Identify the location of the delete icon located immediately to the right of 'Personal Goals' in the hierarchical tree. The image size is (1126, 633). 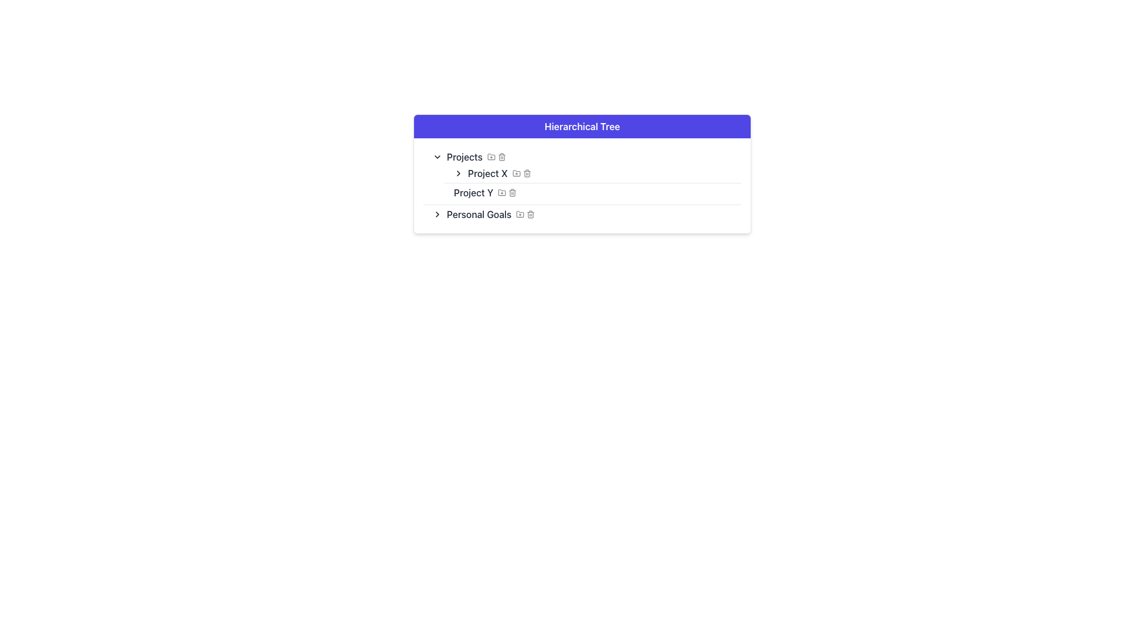
(530, 215).